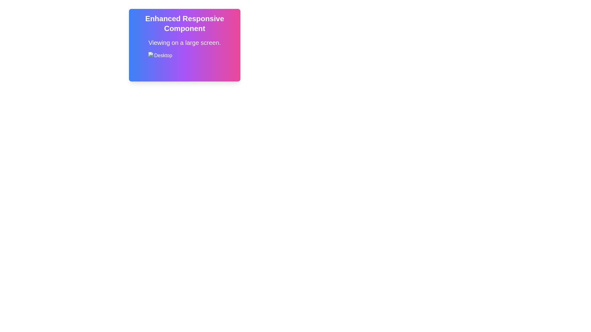 The width and height of the screenshot is (591, 332). Describe the element at coordinates (184, 42) in the screenshot. I see `the informational text located below the title text and above the 'Desktop' icon` at that location.